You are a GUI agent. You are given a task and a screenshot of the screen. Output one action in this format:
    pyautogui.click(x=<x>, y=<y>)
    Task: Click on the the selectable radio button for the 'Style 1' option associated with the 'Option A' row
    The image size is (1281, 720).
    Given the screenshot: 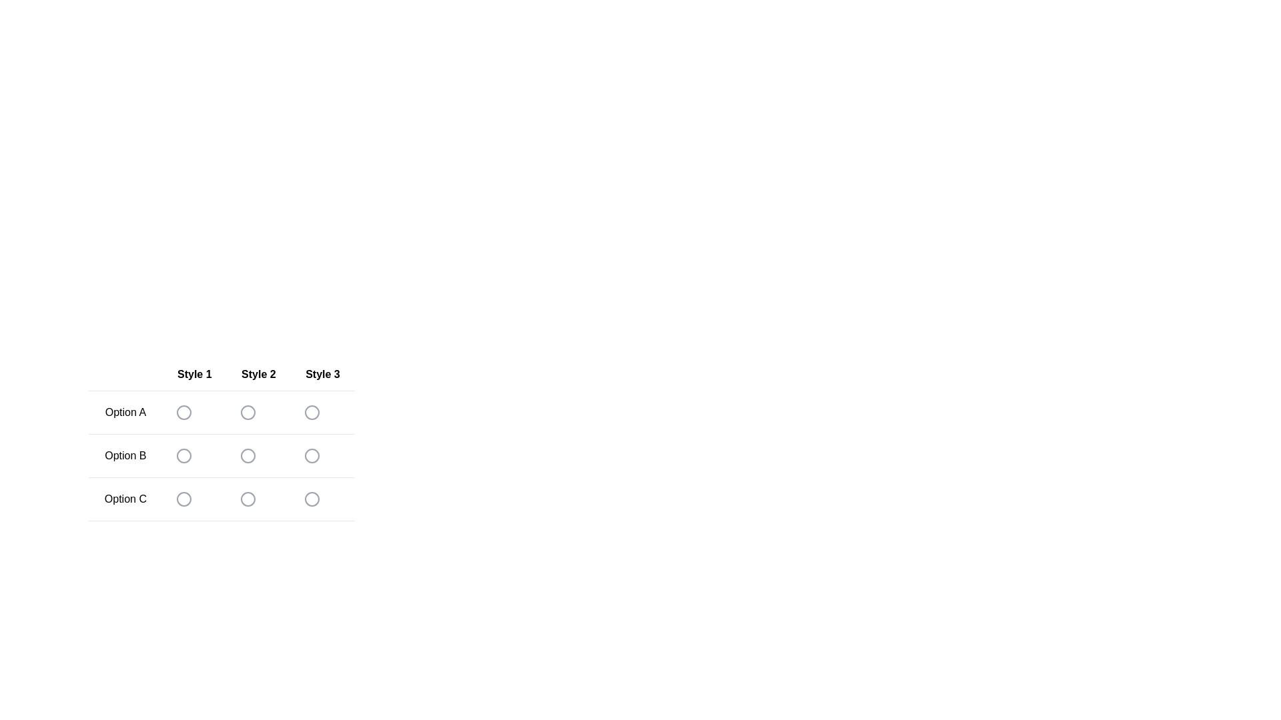 What is the action you would take?
    pyautogui.click(x=193, y=411)
    